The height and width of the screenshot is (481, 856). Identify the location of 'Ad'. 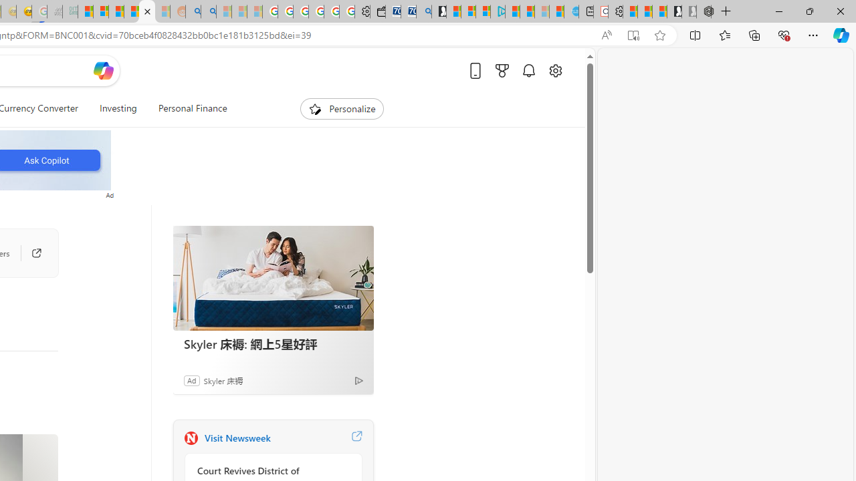
(191, 380).